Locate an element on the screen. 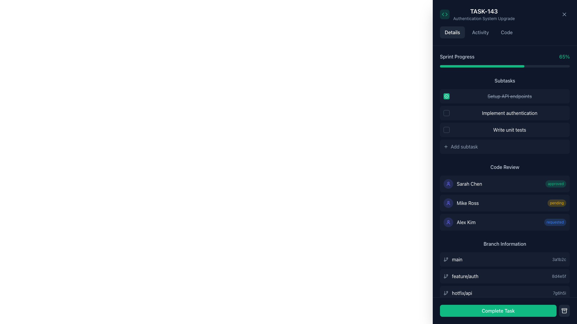 Image resolution: width=577 pixels, height=324 pixels. the completed subtask button representing a task under the 'TASK-143' details section is located at coordinates (505, 96).